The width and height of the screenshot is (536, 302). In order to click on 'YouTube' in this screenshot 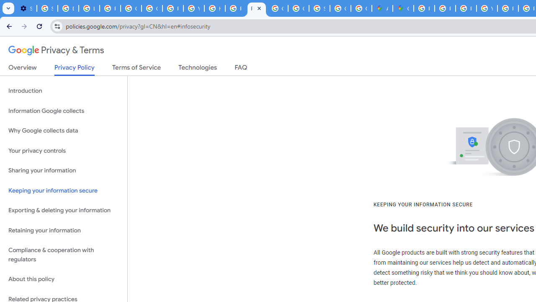, I will do `click(487, 8)`.